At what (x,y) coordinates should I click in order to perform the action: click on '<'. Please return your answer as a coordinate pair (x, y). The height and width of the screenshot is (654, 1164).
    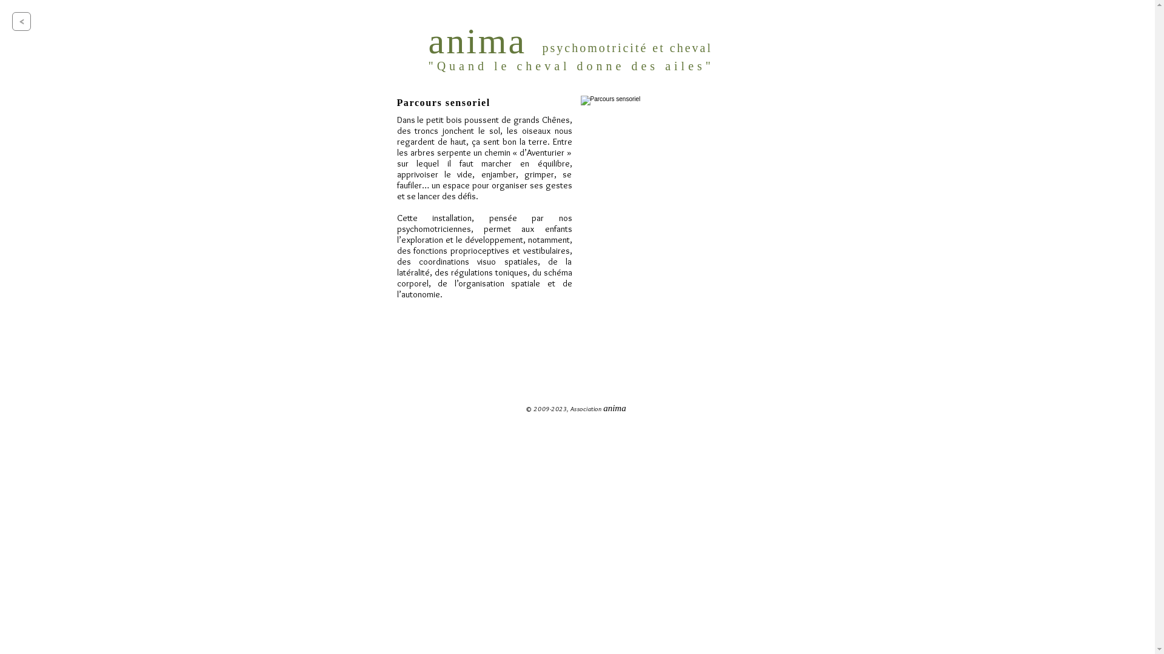
    Looking at the image, I should click on (12, 21).